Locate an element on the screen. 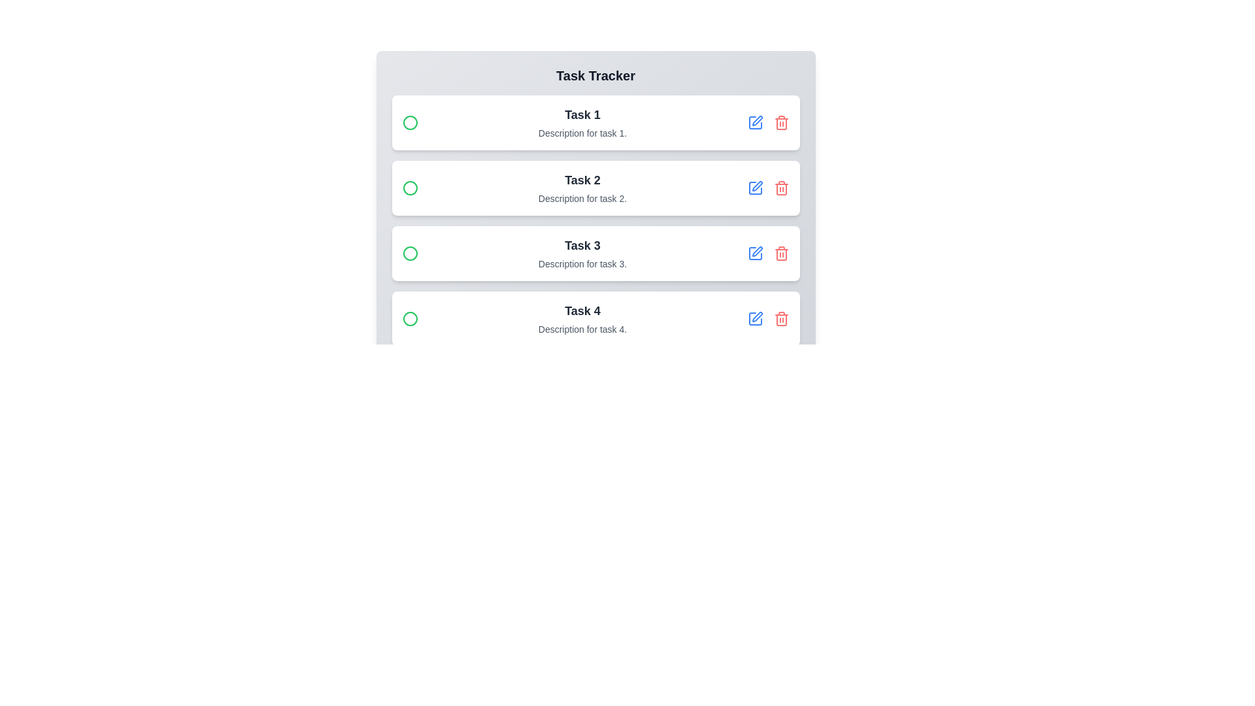  the delete button for task 1 is located at coordinates (781, 123).